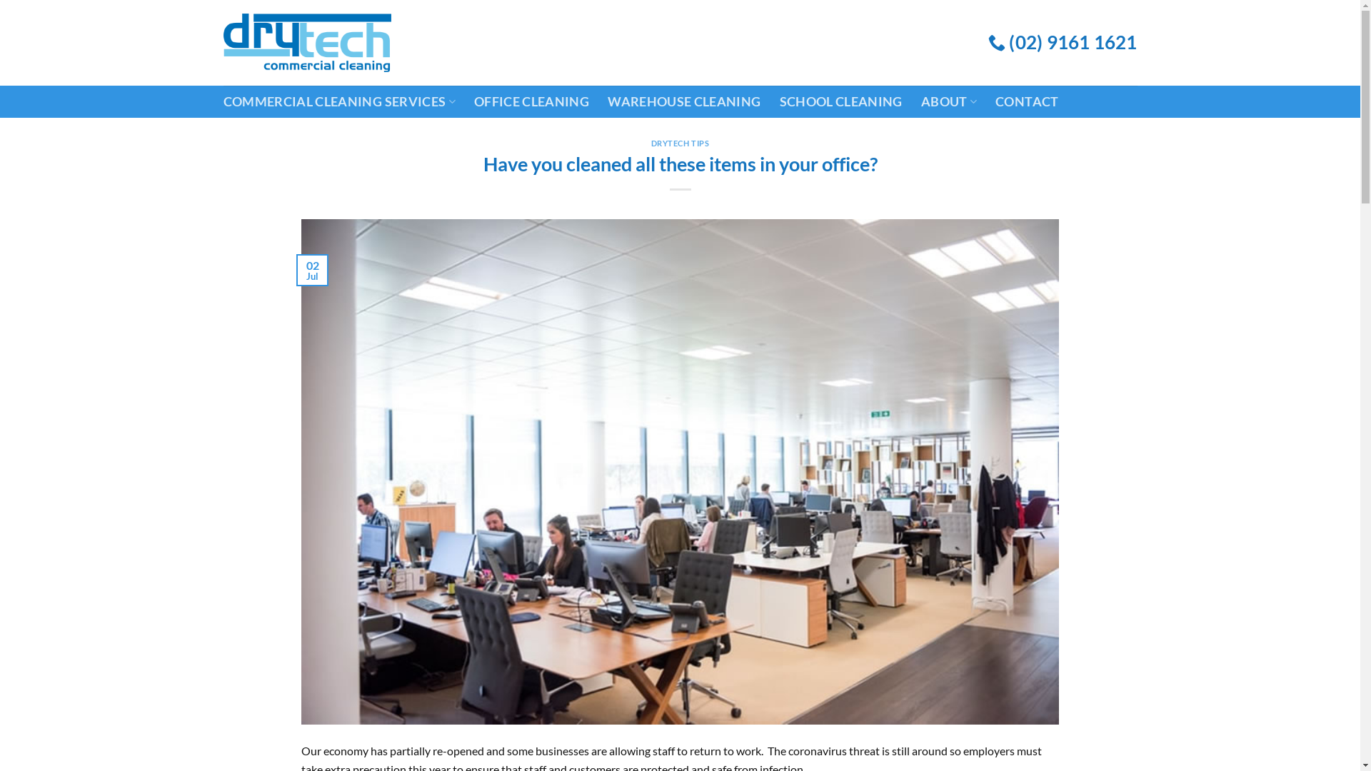  I want to click on 'Skip to content', so click(0, 0).